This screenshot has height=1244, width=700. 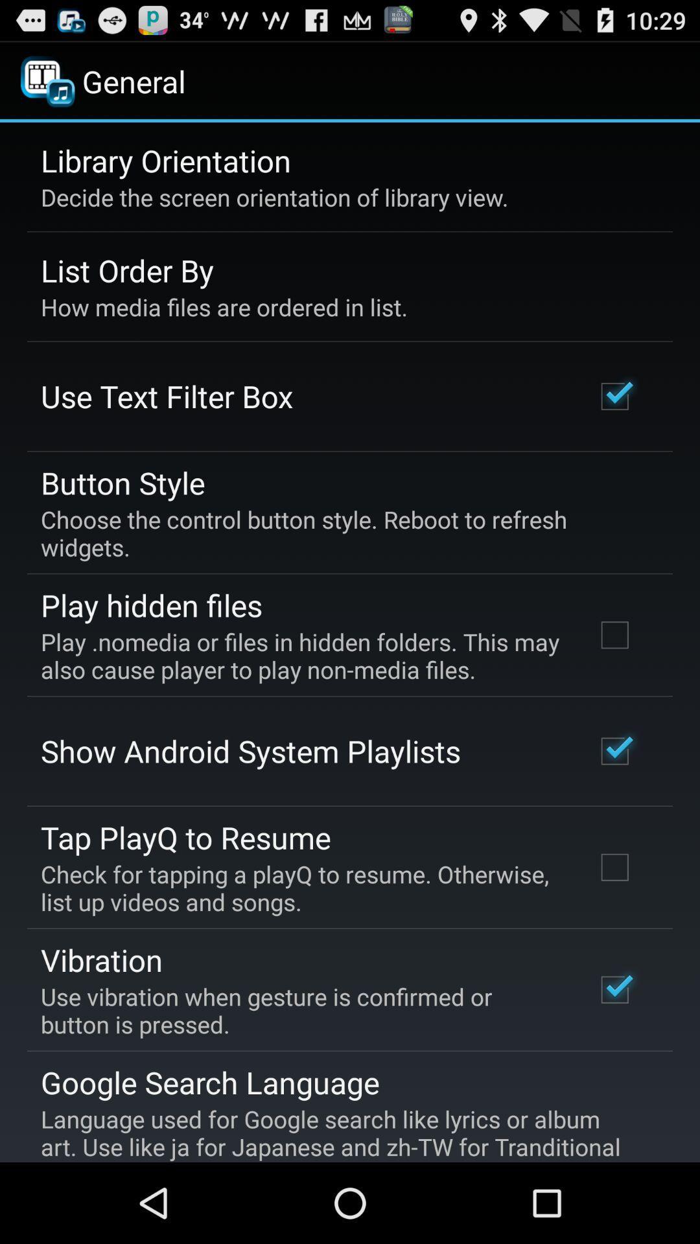 What do you see at coordinates (300, 887) in the screenshot?
I see `the app above the vibration icon` at bounding box center [300, 887].